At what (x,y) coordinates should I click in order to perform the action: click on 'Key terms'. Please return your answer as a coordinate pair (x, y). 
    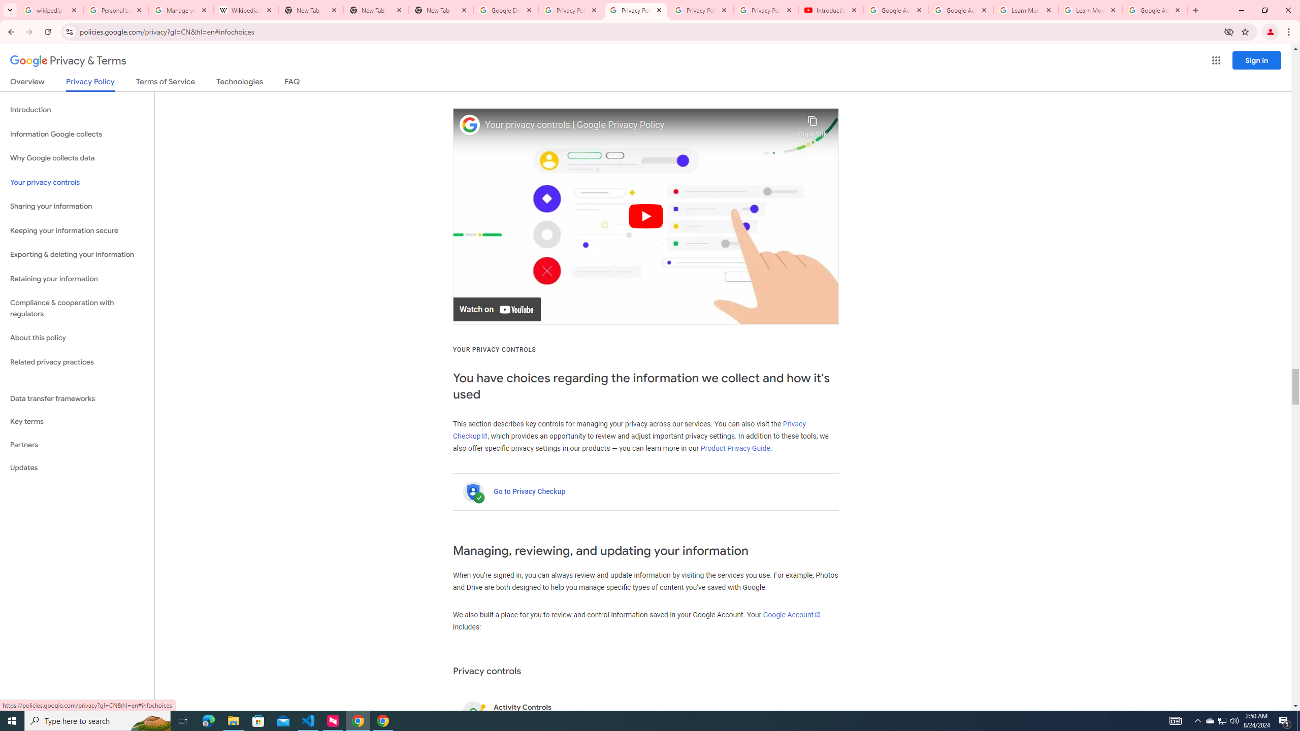
    Looking at the image, I should click on (77, 421).